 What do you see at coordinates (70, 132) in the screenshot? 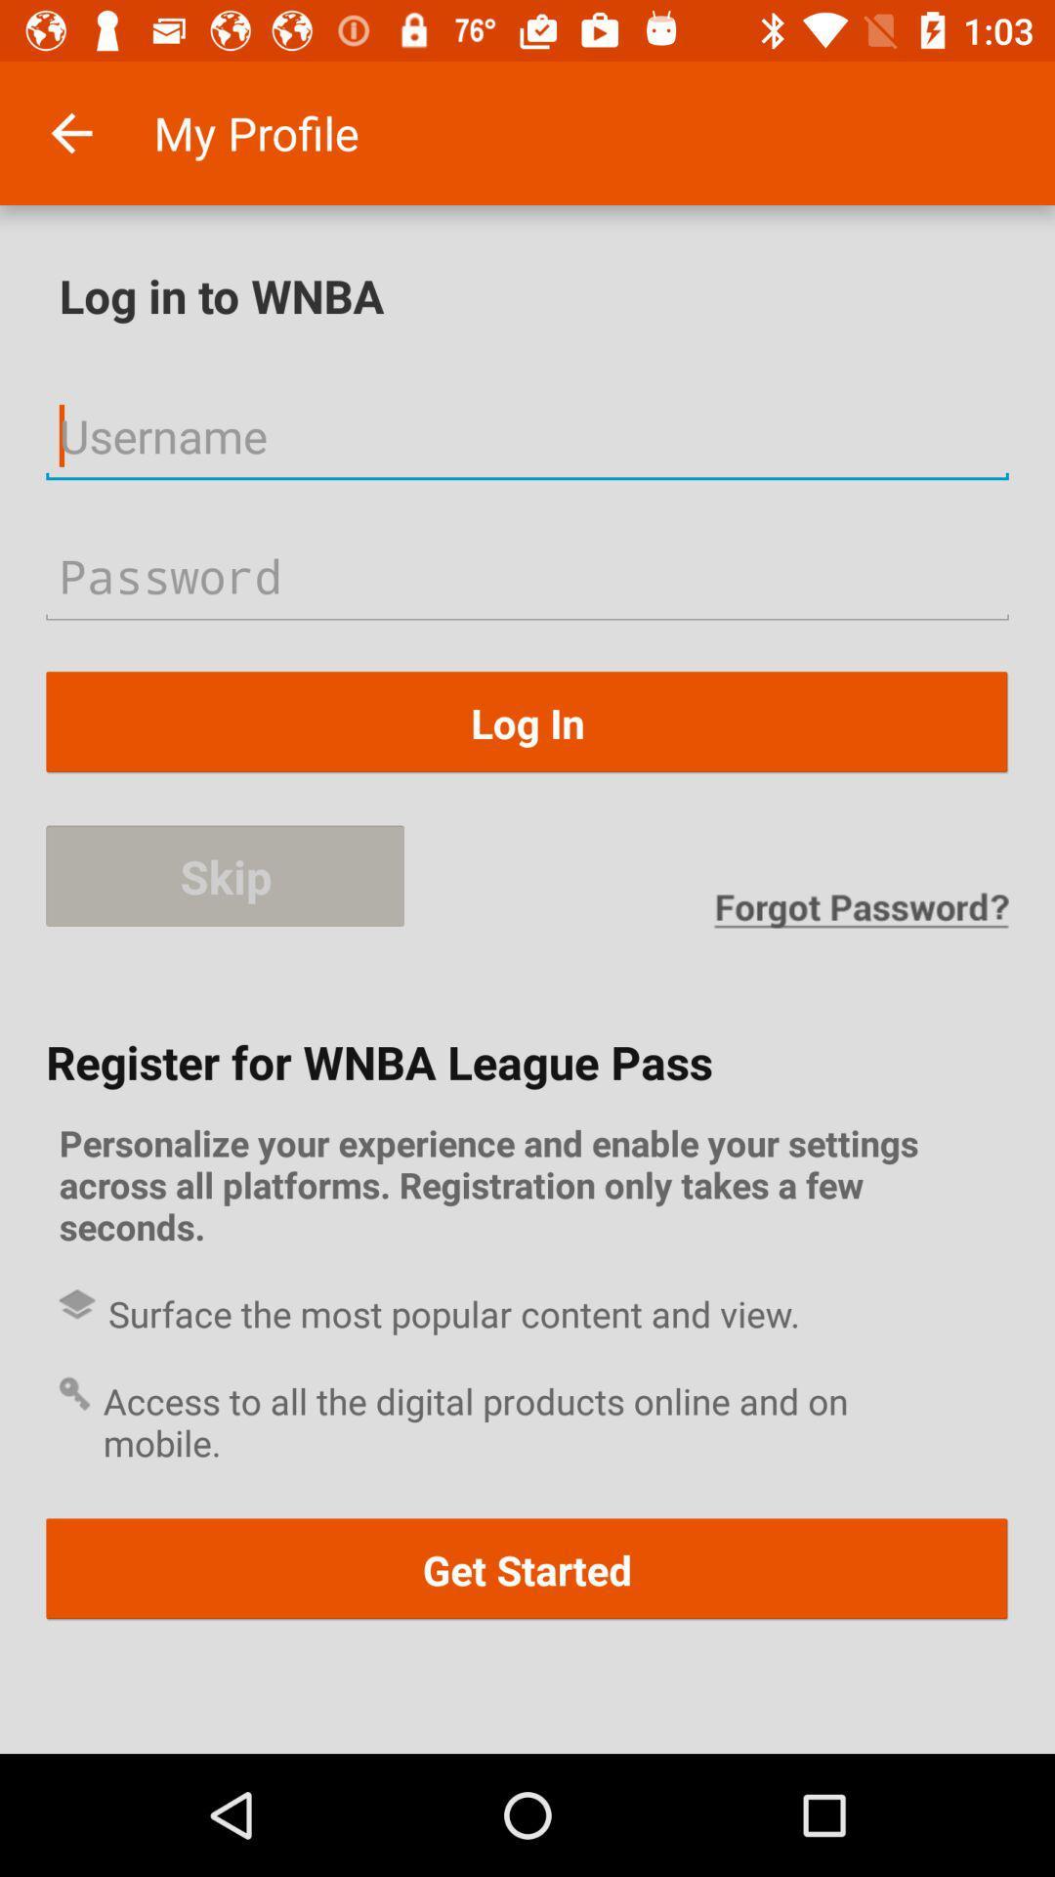
I see `the icon above log in to item` at bounding box center [70, 132].